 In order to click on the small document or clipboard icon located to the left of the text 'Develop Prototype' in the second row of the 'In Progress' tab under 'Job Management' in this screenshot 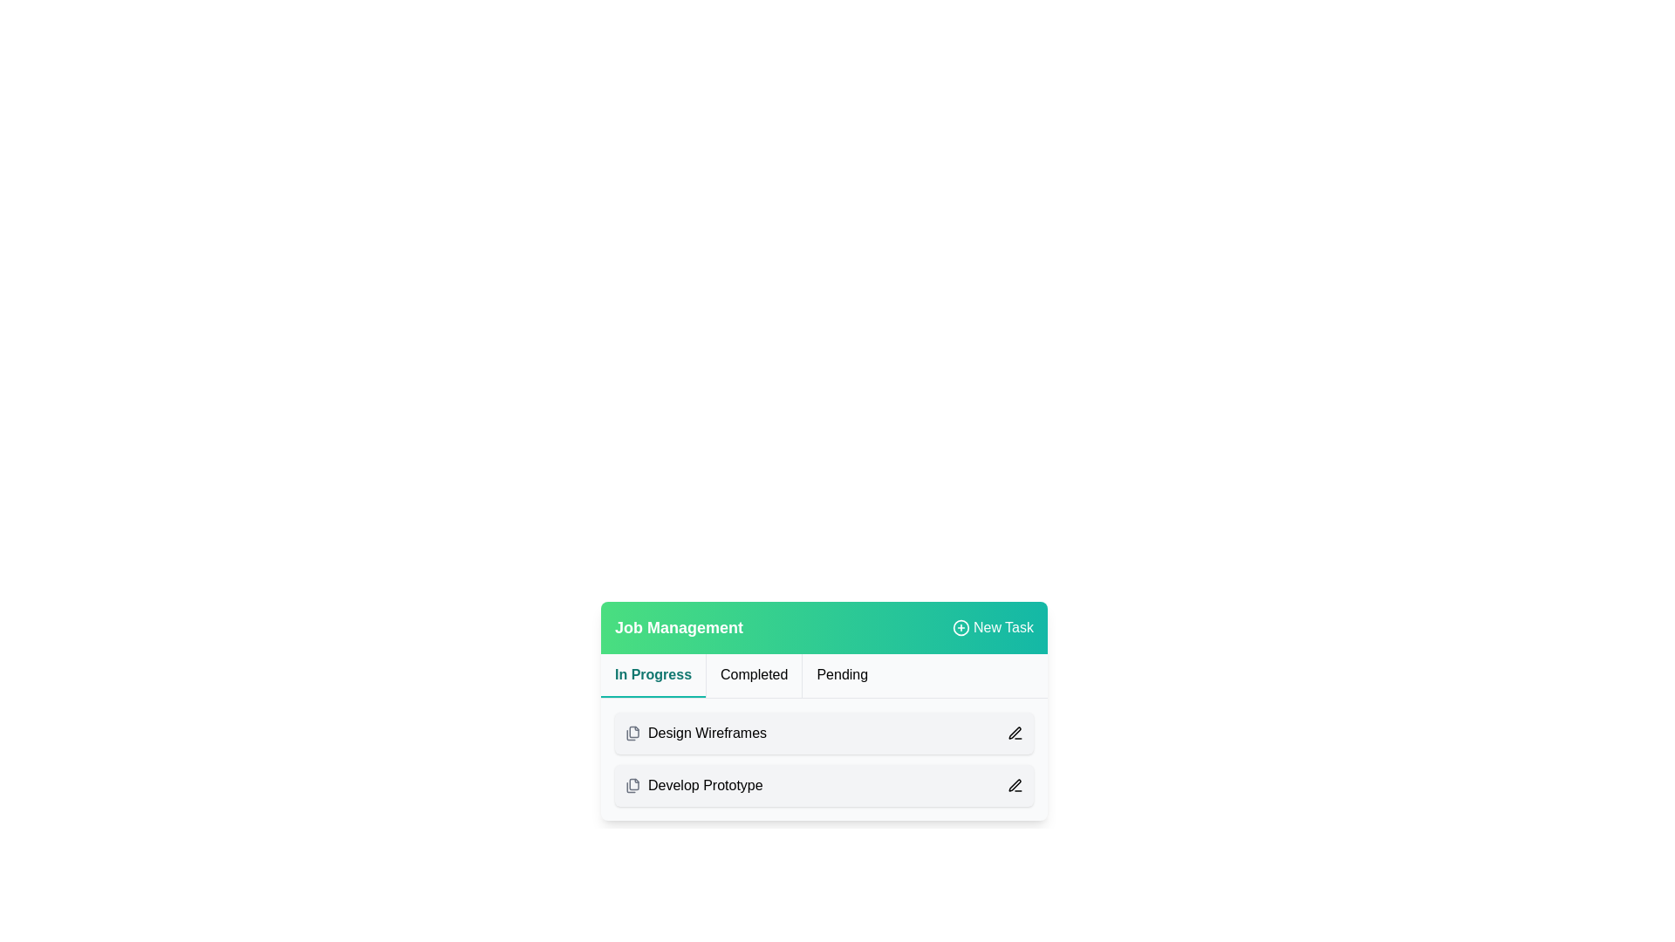, I will do `click(633, 732)`.